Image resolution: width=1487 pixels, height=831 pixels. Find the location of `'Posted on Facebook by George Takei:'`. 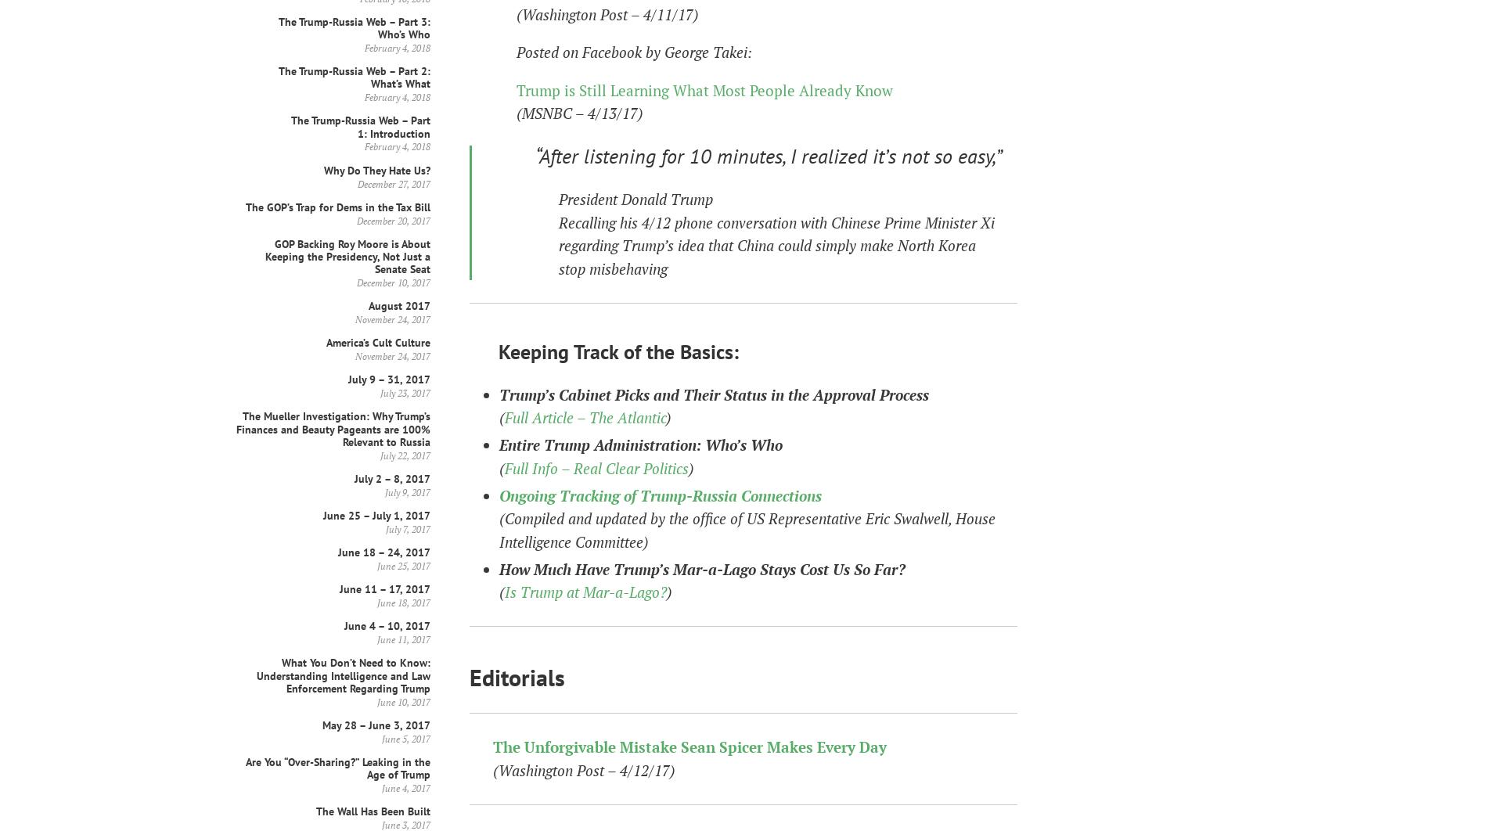

'Posted on Facebook by George Takei:' is located at coordinates (633, 52).